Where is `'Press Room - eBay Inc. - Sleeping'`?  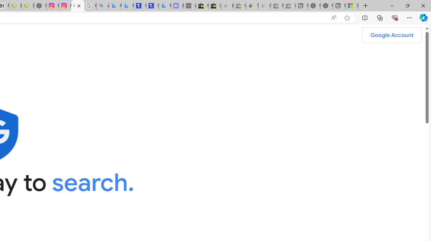 'Press Room - eBay Inc. - Sleeping' is located at coordinates (277, 6).